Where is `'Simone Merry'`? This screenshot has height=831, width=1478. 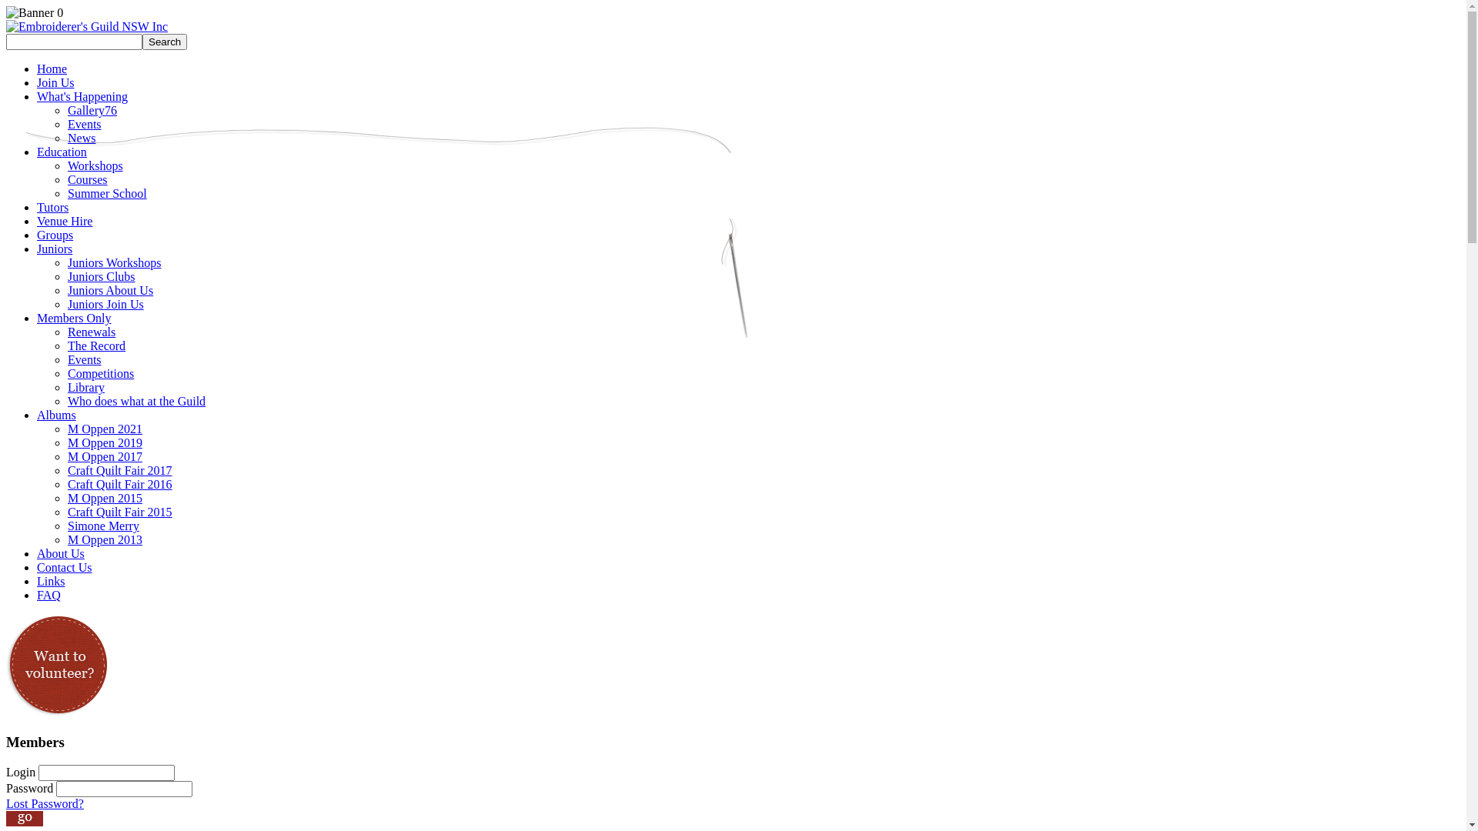 'Simone Merry' is located at coordinates (102, 525).